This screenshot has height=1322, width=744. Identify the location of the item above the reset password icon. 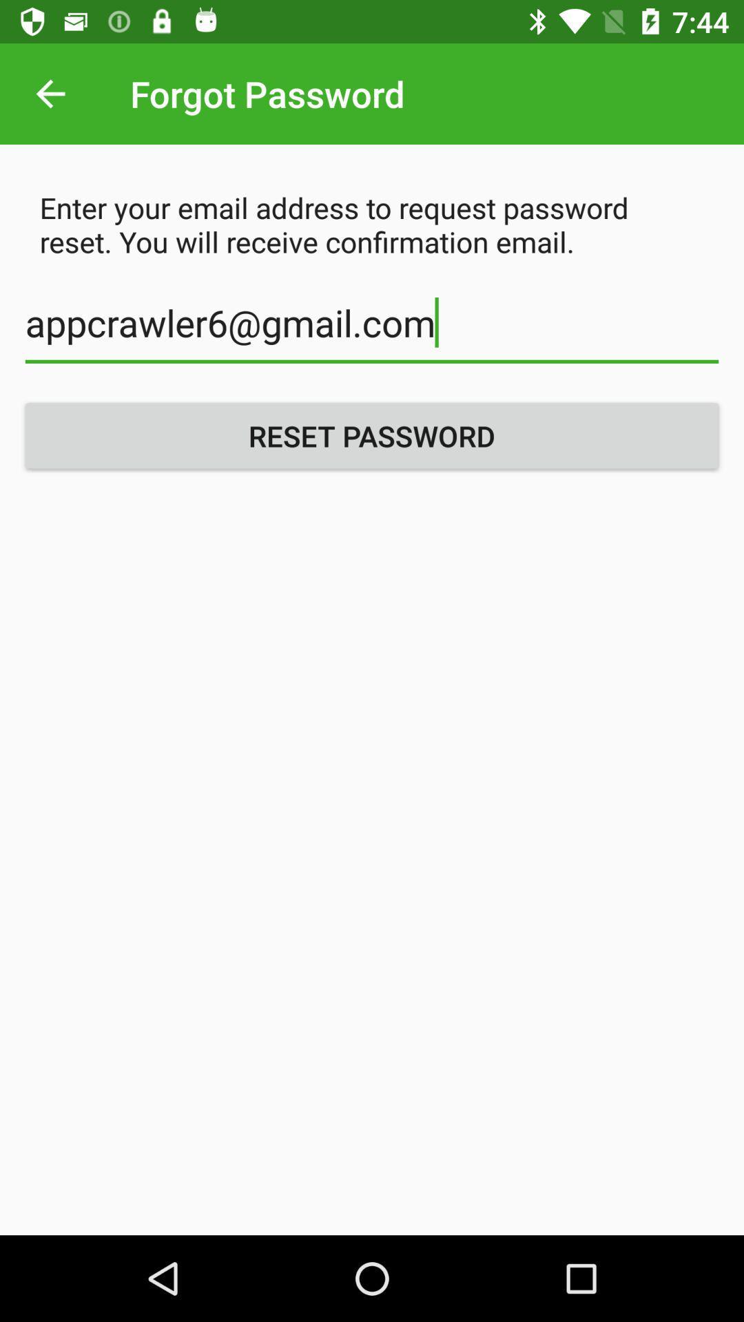
(372, 330).